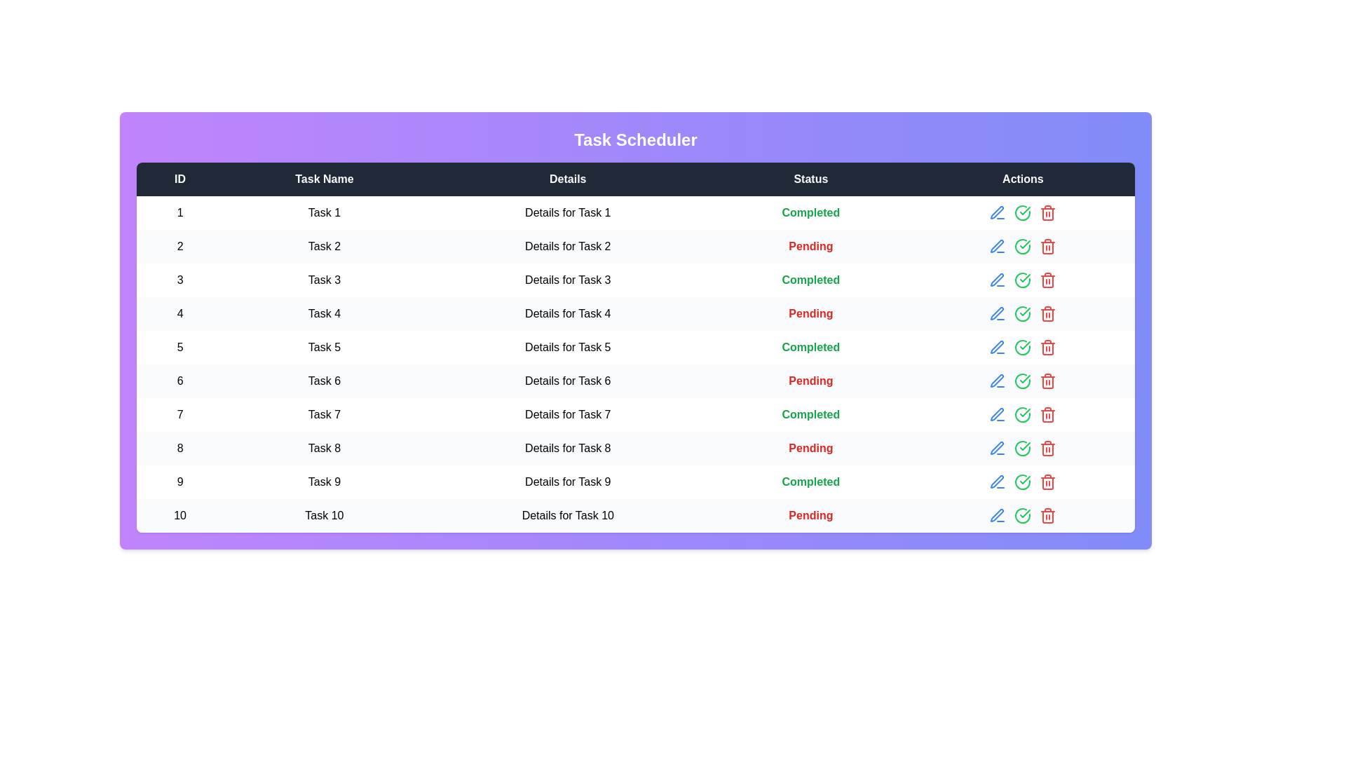 The height and width of the screenshot is (757, 1346). I want to click on the column header Task Name to sort the tasks by that column, so click(322, 178).